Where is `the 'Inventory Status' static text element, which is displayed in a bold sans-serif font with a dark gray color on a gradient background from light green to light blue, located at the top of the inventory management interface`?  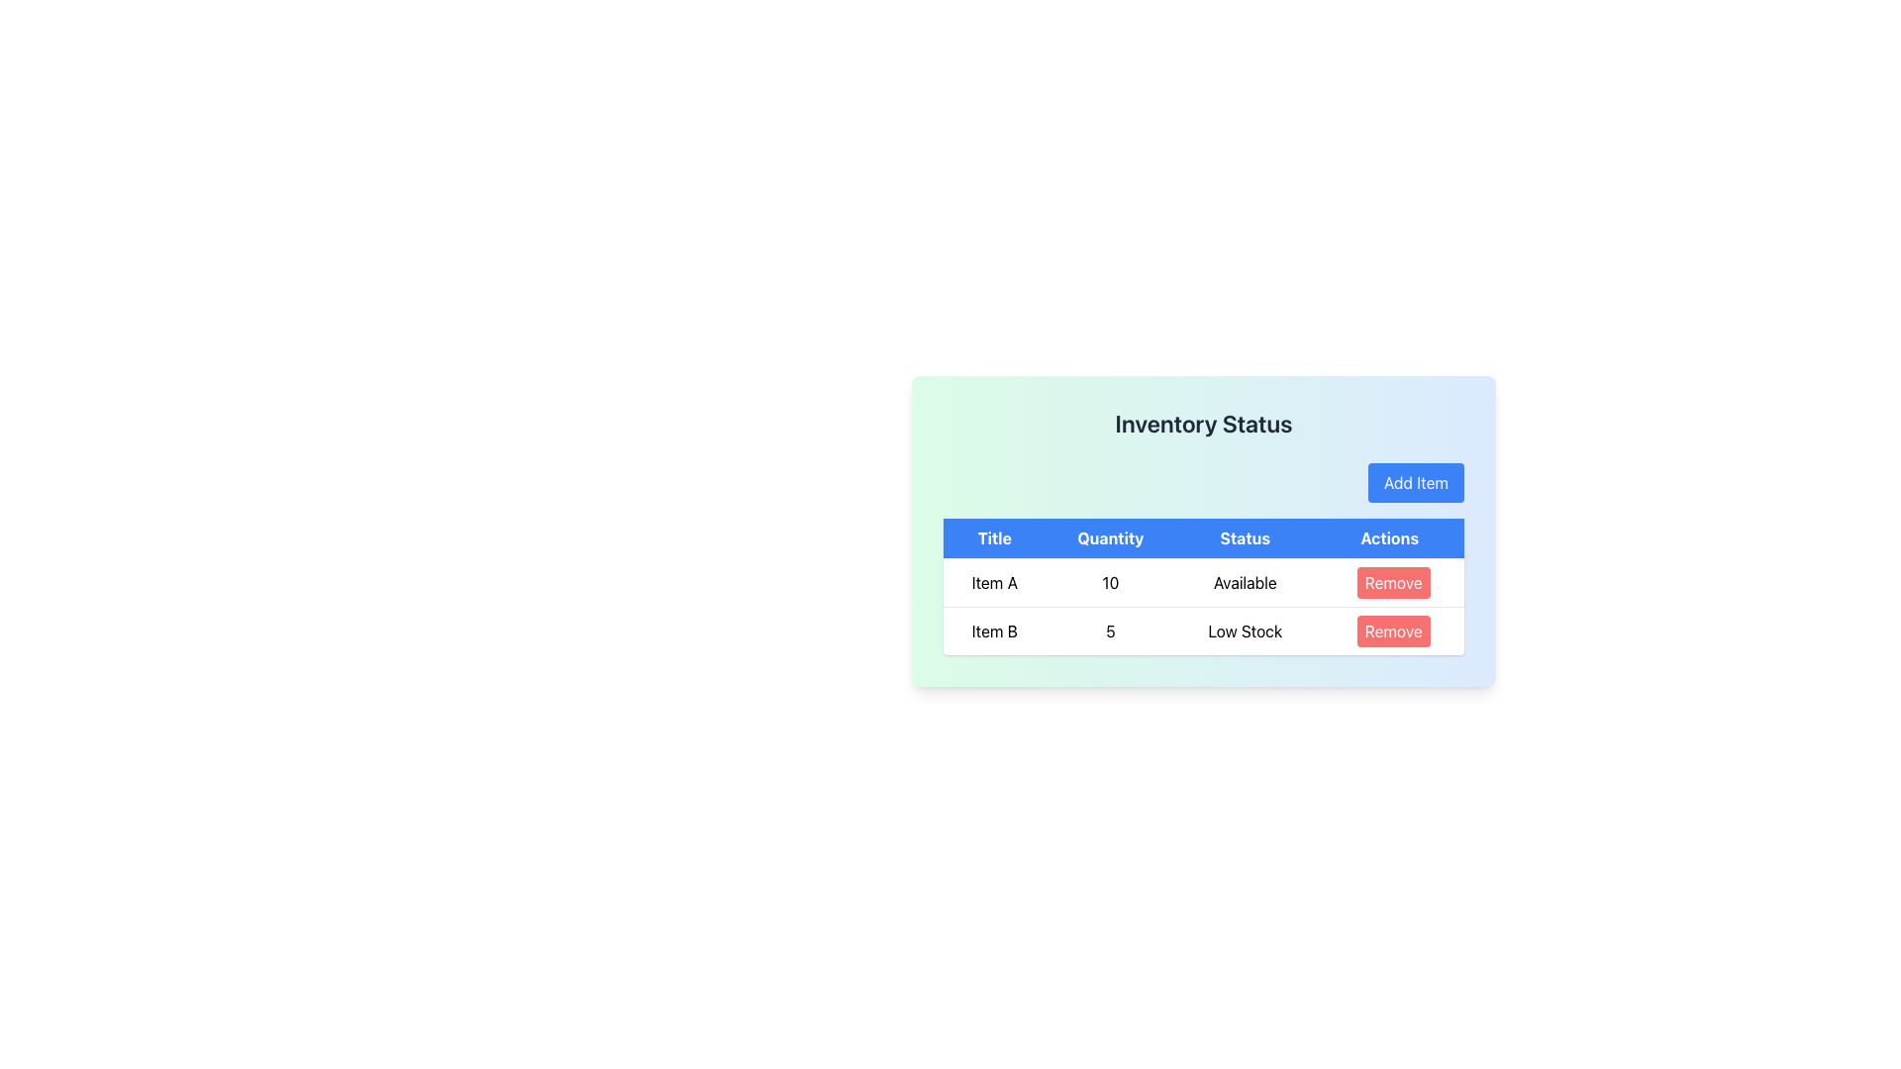 the 'Inventory Status' static text element, which is displayed in a bold sans-serif font with a dark gray color on a gradient background from light green to light blue, located at the top of the inventory management interface is located at coordinates (1202, 423).